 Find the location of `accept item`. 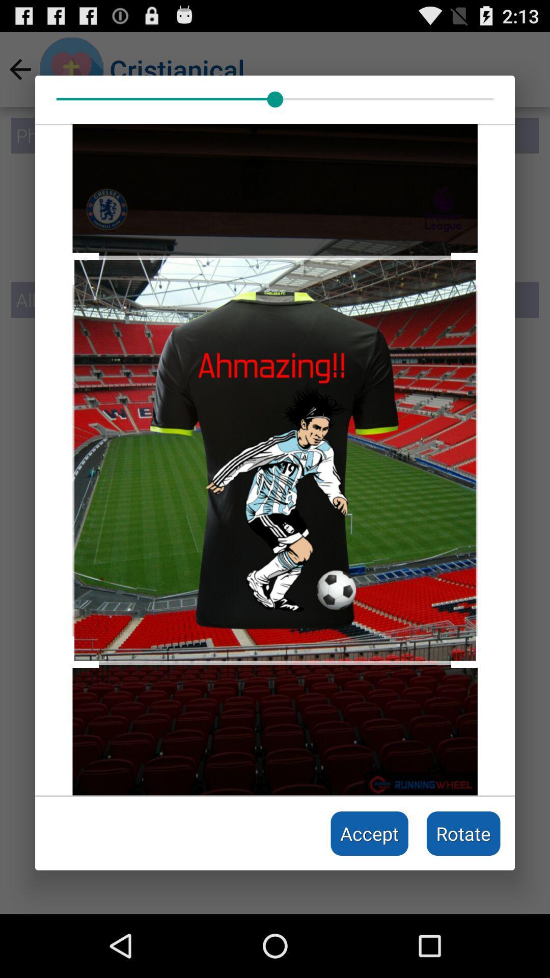

accept item is located at coordinates (369, 833).